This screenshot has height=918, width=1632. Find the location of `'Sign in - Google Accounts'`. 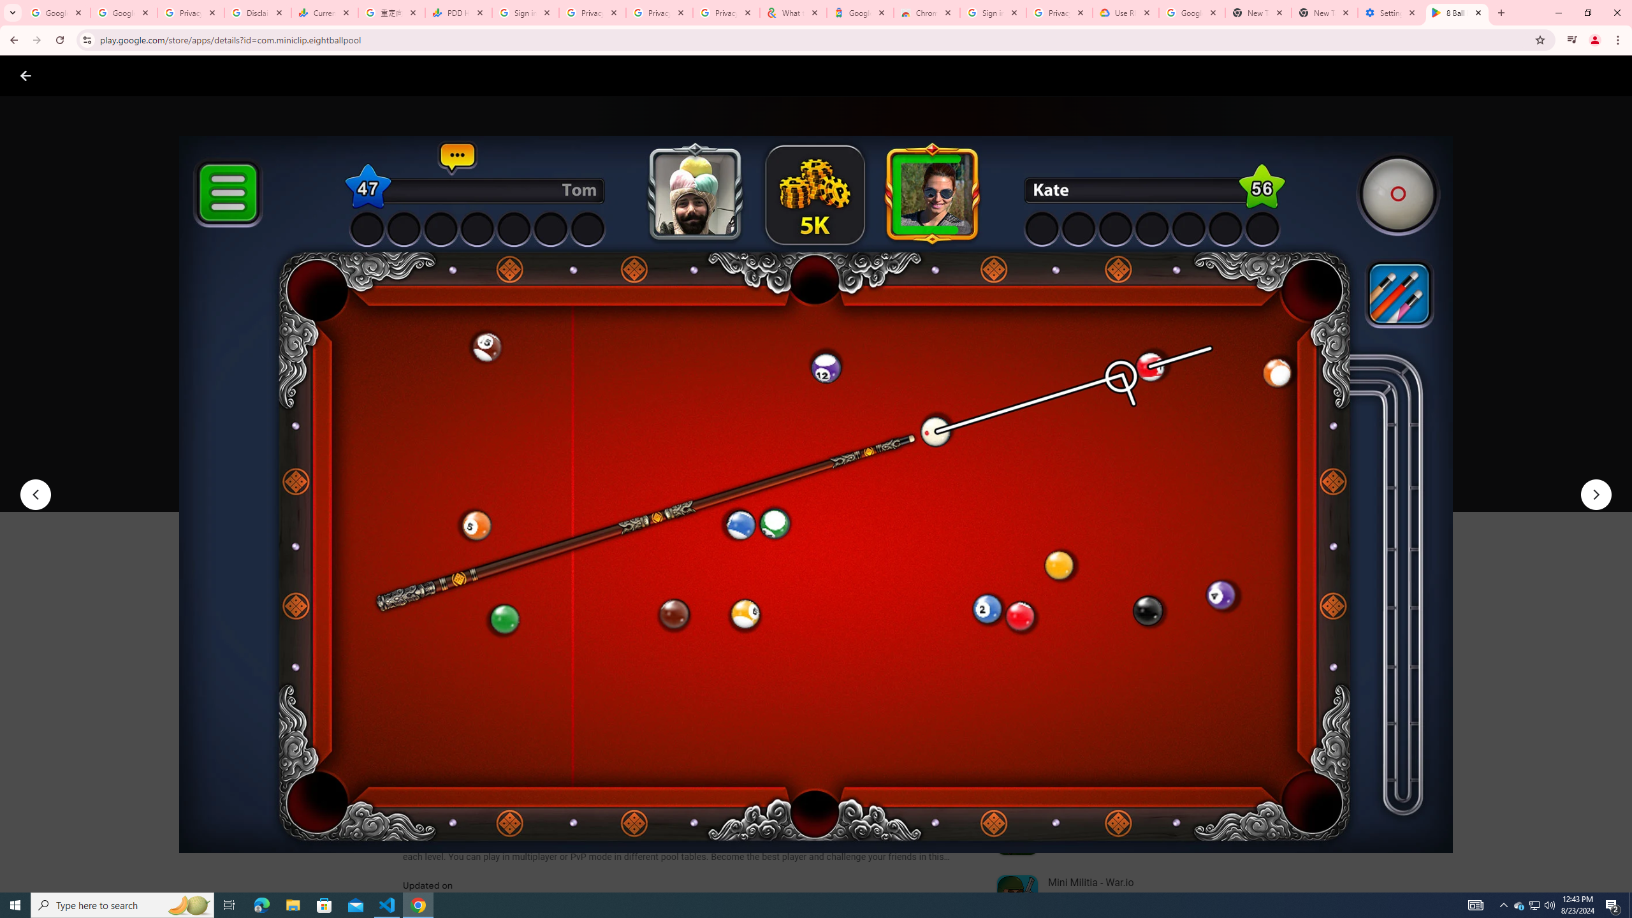

'Sign in - Google Accounts' is located at coordinates (525, 12).